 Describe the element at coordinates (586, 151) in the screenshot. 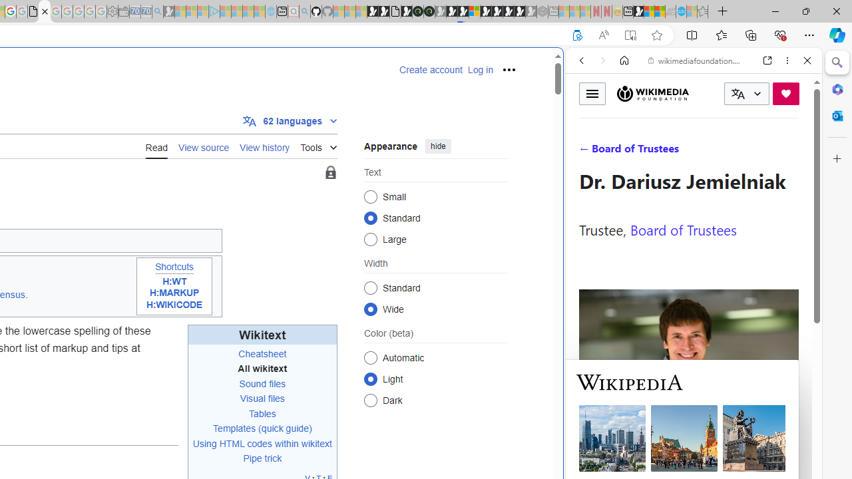

I see `'Search Filter, WEB'` at that location.